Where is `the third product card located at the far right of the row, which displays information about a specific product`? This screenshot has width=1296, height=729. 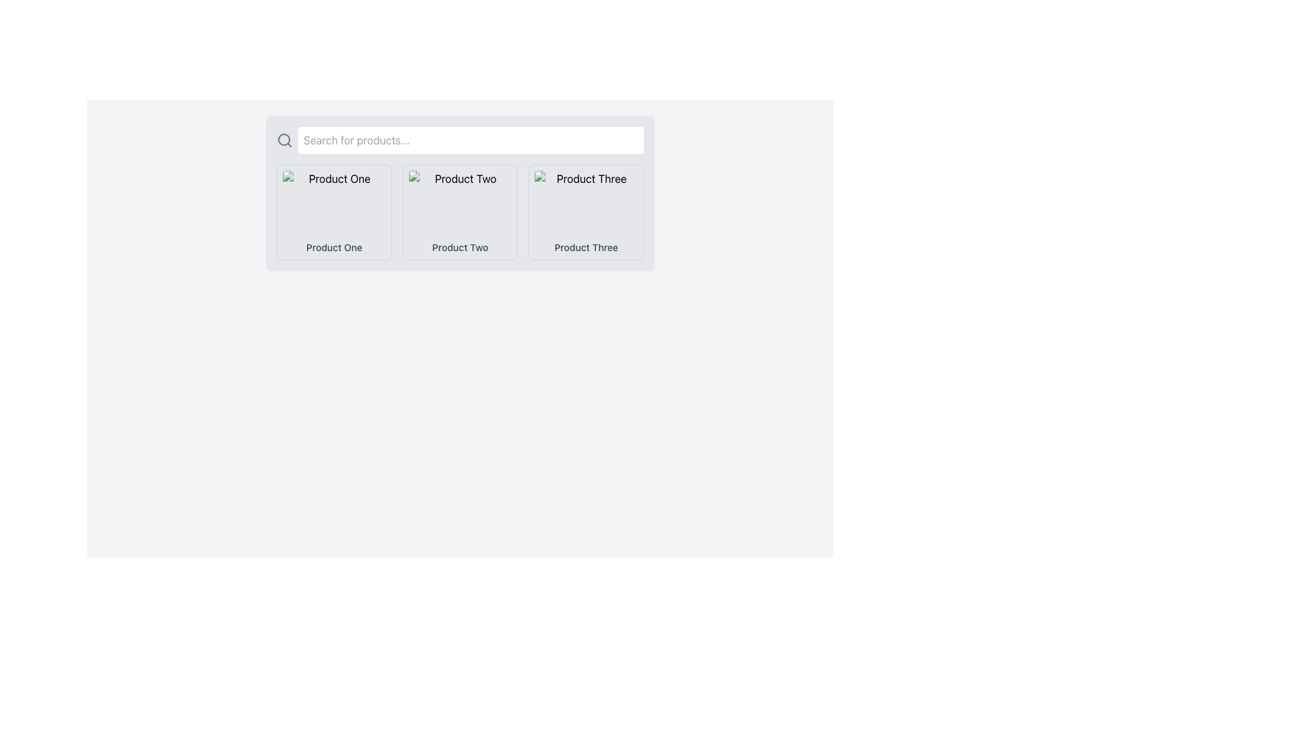 the third product card located at the far right of the row, which displays information about a specific product is located at coordinates (586, 213).